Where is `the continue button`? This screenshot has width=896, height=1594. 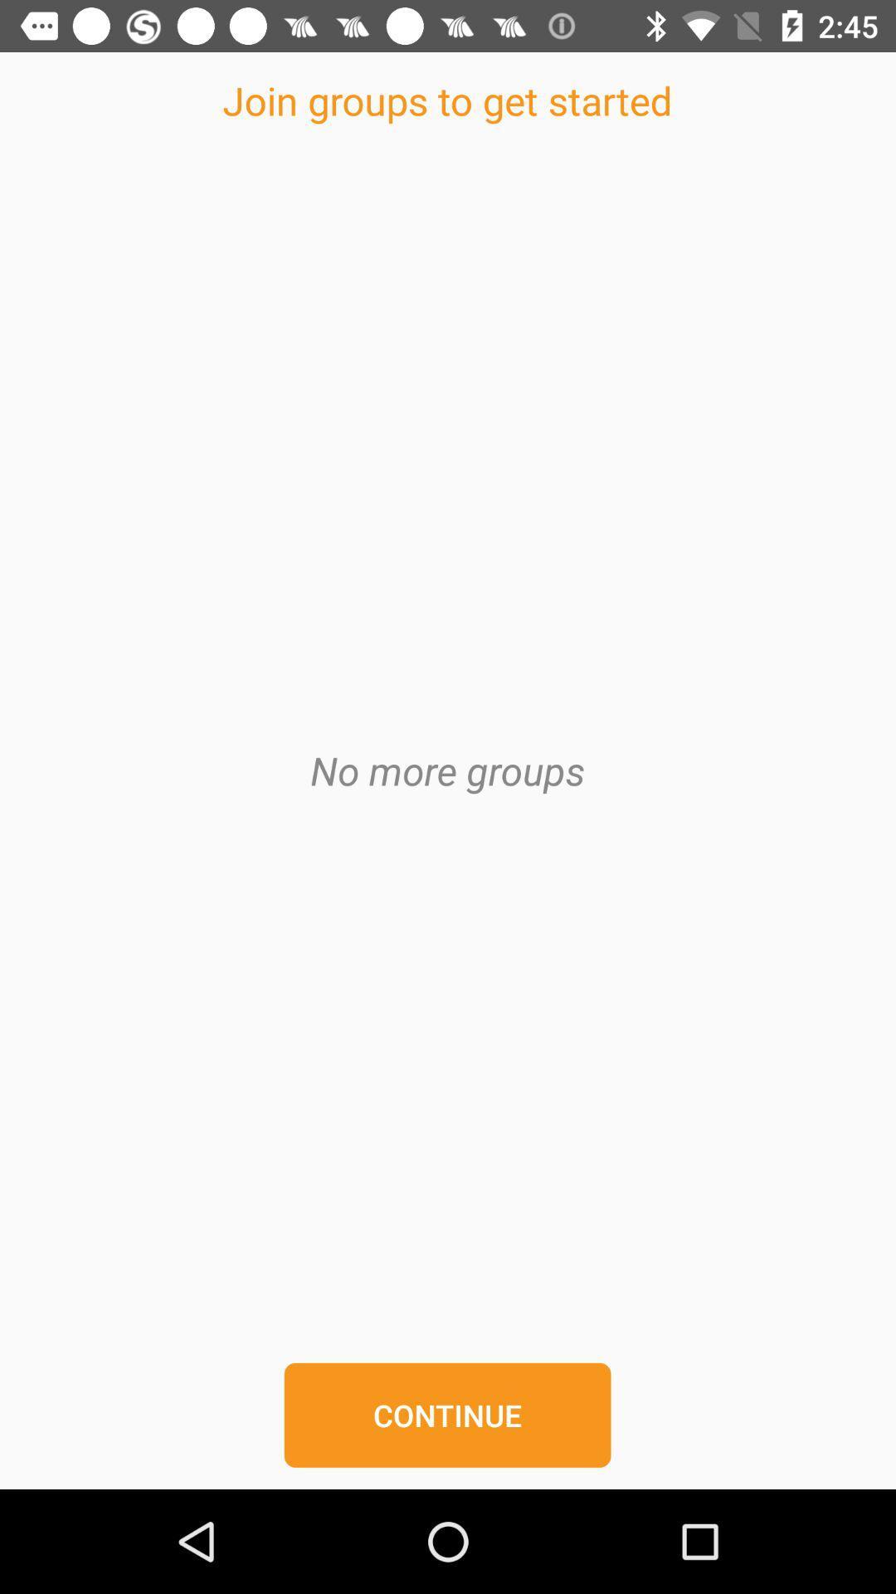 the continue button is located at coordinates (448, 1434).